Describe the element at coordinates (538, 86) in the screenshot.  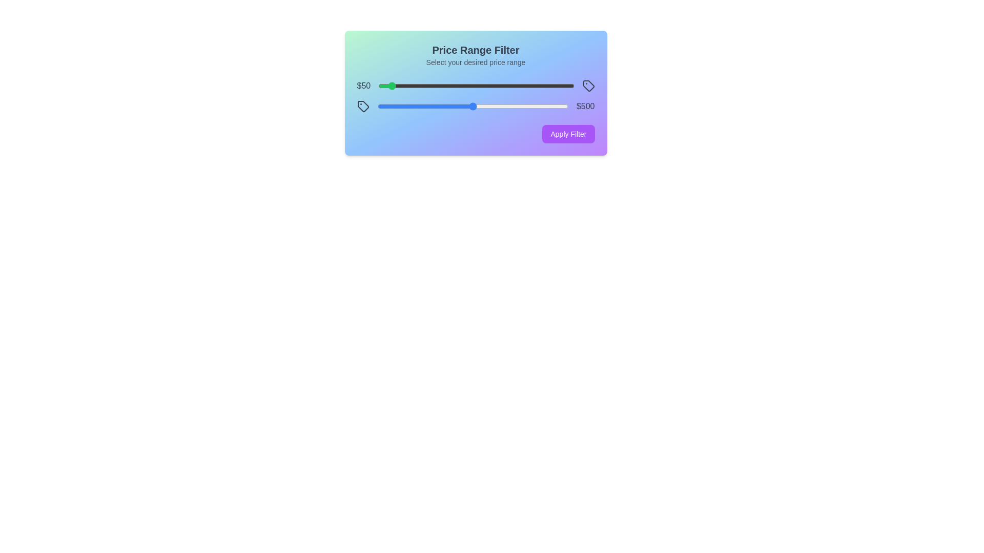
I see `the minimum price slider to 817` at that location.